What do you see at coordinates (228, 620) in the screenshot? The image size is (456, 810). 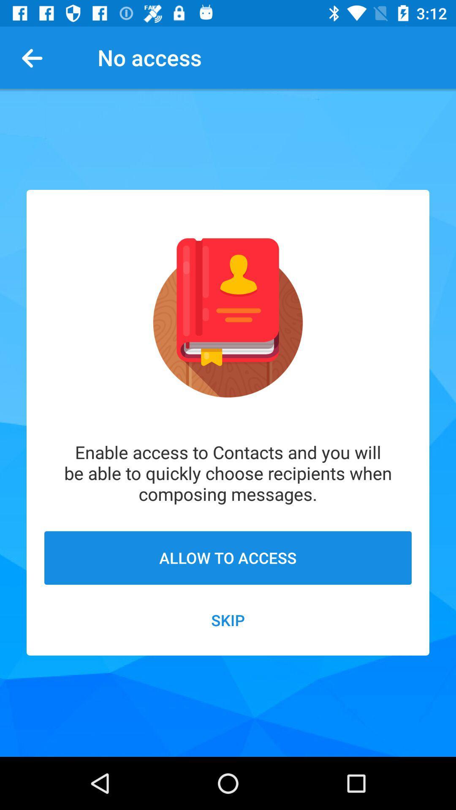 I see `the icon below allow to access item` at bounding box center [228, 620].